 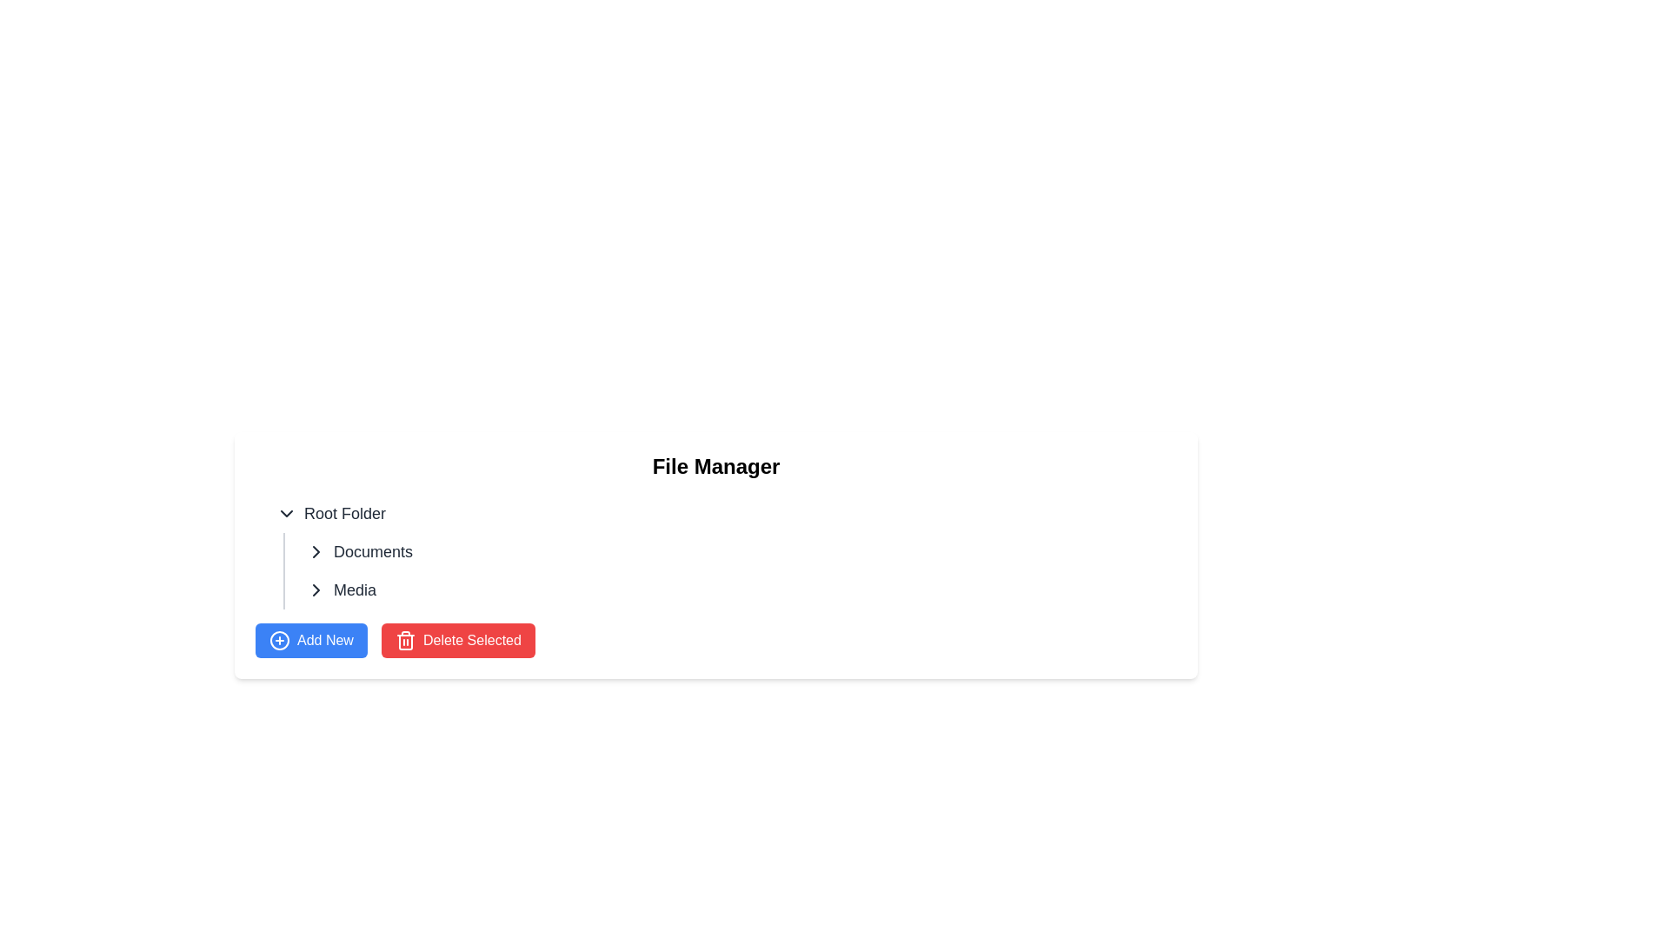 I want to click on the small icon marker resembling a rightward-facing chevron arrow located to the left of the 'Media' label, so click(x=316, y=589).